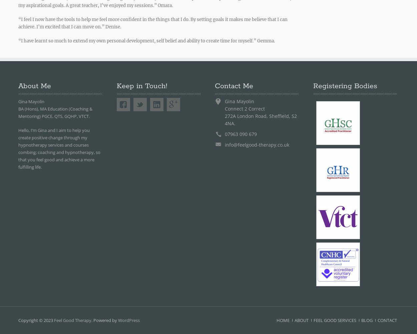  What do you see at coordinates (335, 320) in the screenshot?
I see `'Feel Good Services'` at bounding box center [335, 320].